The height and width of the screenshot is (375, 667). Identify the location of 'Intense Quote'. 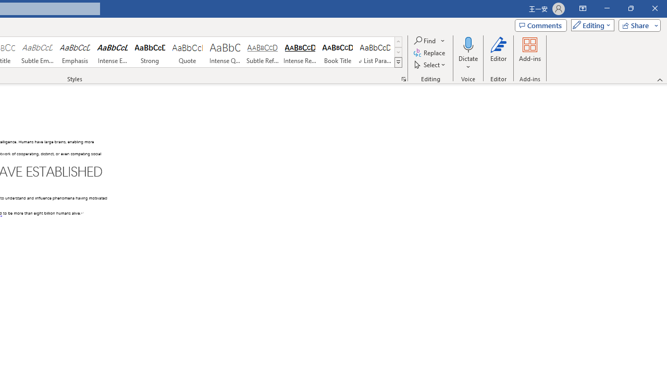
(225, 52).